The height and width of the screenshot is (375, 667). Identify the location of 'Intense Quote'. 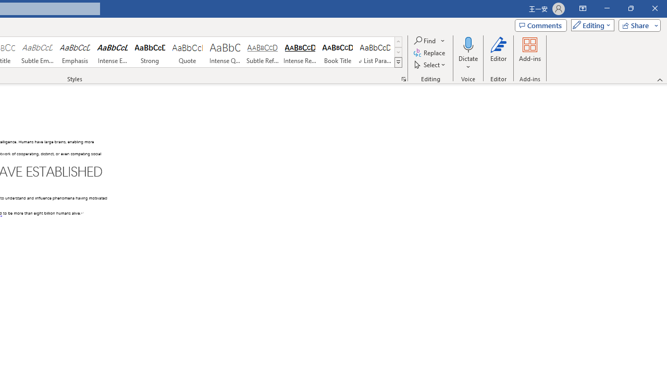
(225, 52).